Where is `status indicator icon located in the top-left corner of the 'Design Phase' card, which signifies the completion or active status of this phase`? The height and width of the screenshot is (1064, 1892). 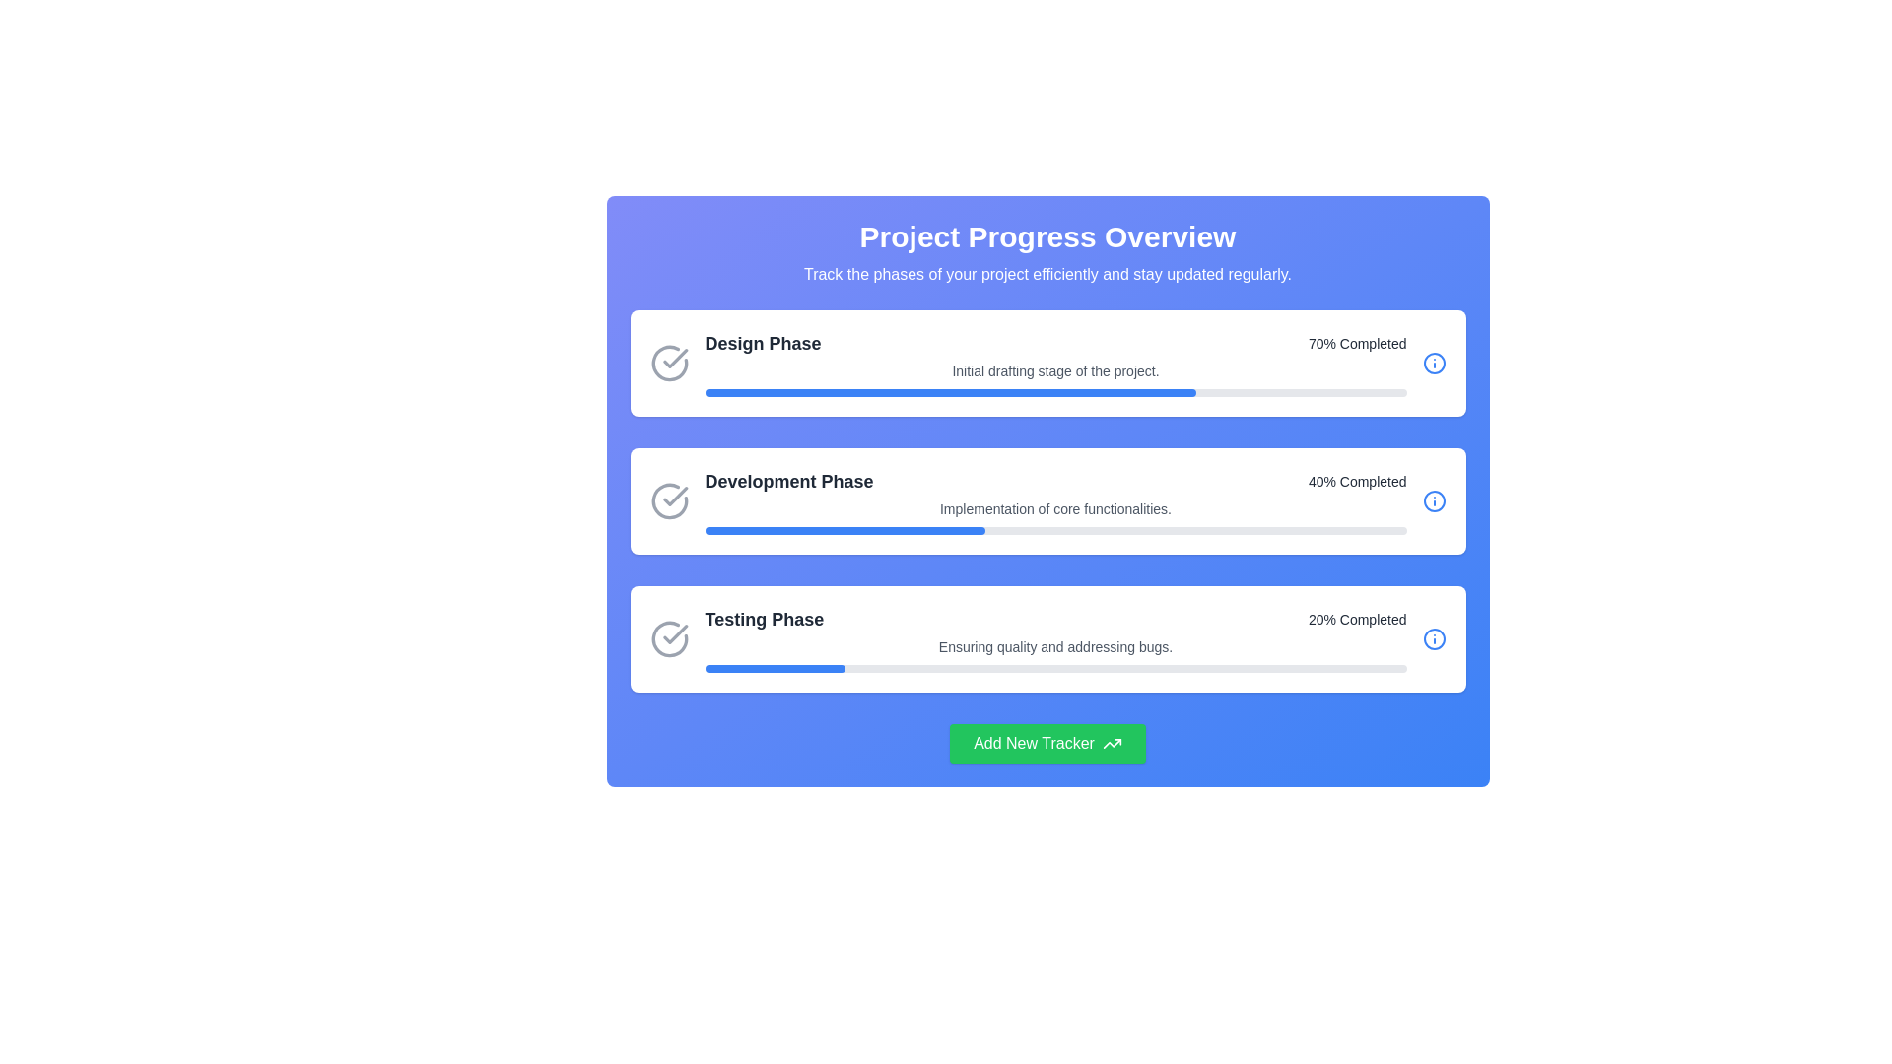 status indicator icon located in the top-left corner of the 'Design Phase' card, which signifies the completion or active status of this phase is located at coordinates (669, 364).